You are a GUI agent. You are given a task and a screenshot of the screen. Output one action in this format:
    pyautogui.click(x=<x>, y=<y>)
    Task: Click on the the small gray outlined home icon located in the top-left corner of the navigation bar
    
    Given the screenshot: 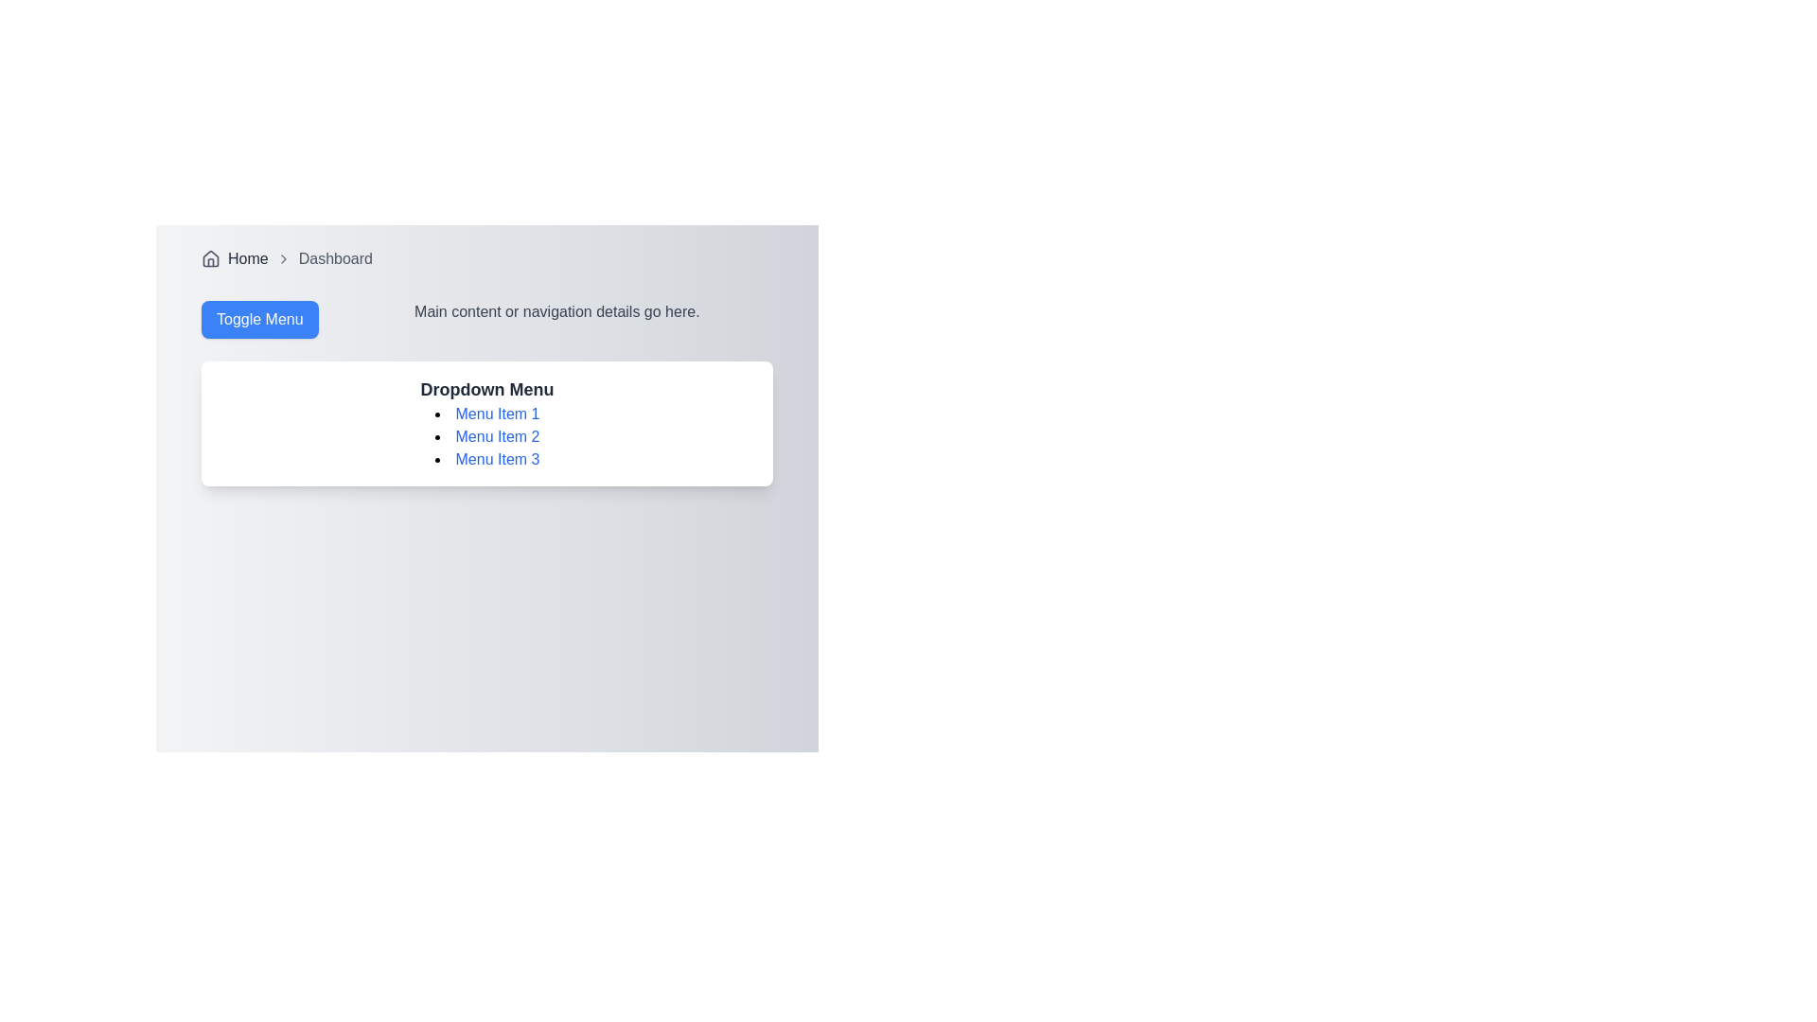 What is the action you would take?
    pyautogui.click(x=210, y=258)
    